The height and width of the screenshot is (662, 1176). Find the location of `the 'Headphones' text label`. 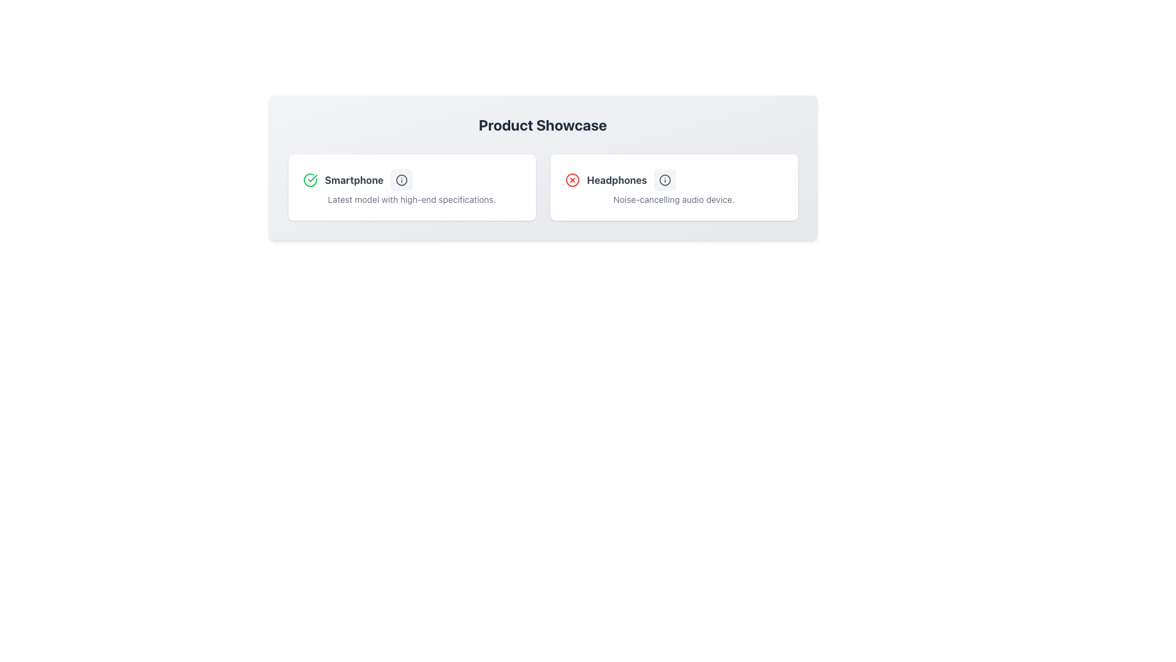

the 'Headphones' text label is located at coordinates (617, 180).